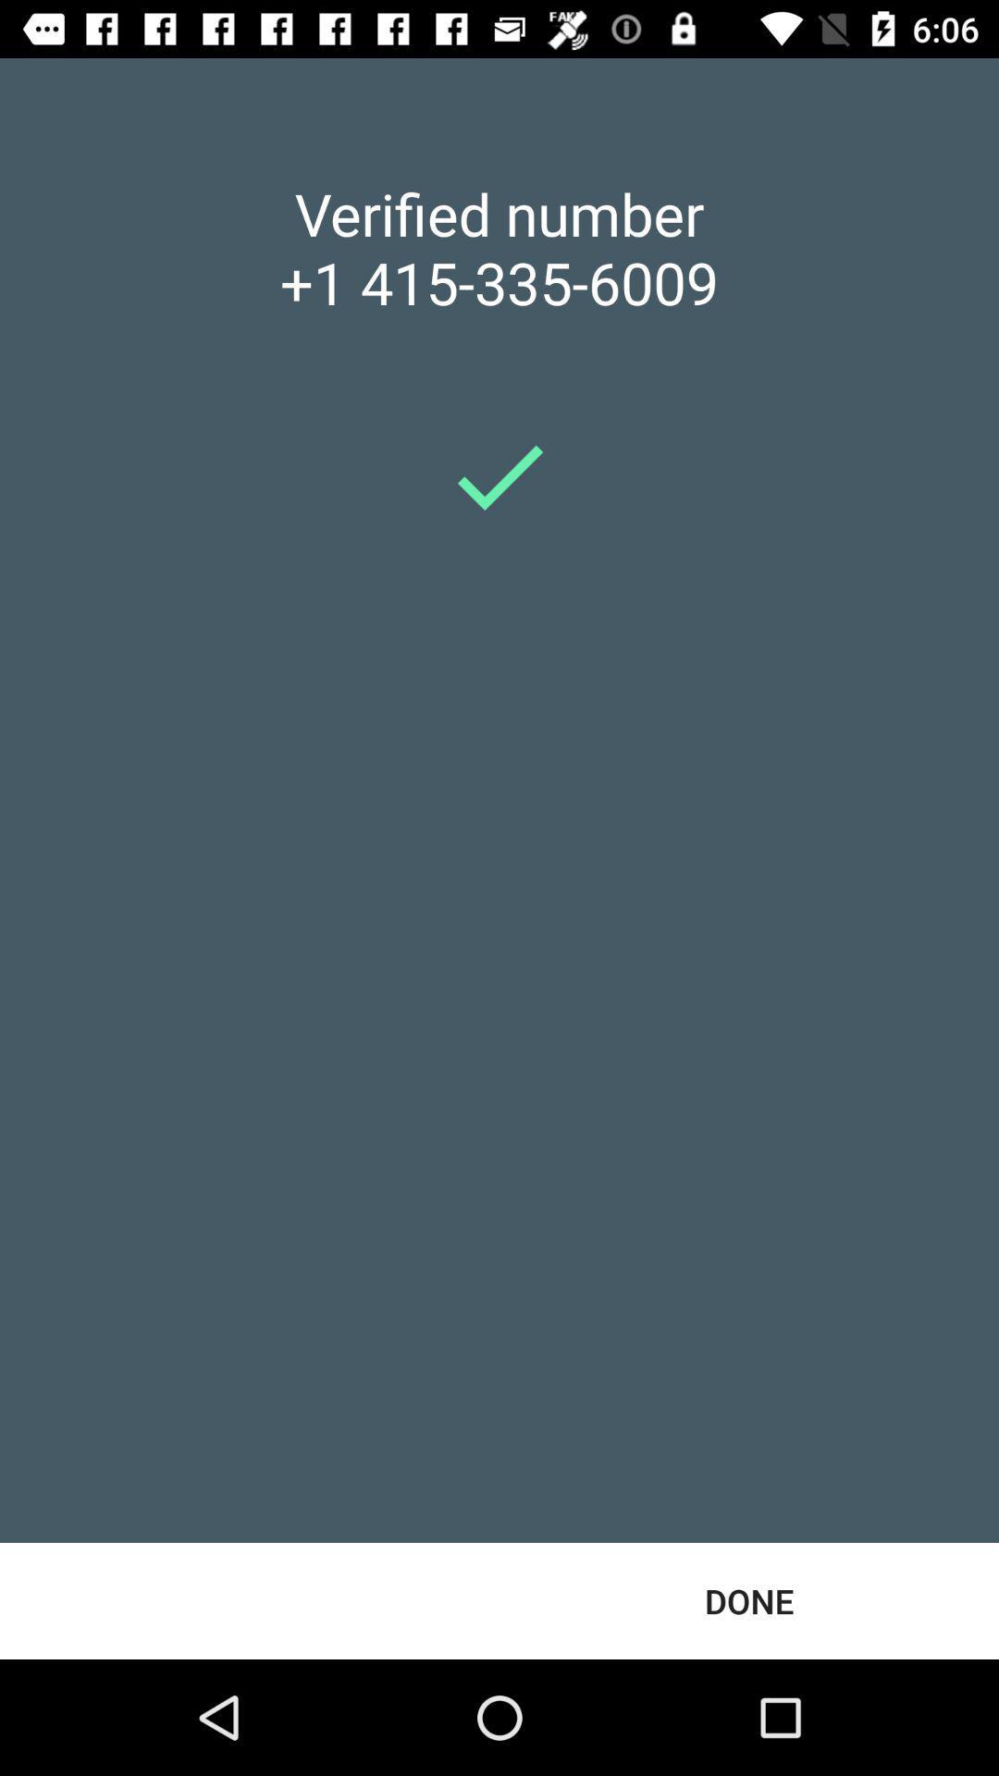 The width and height of the screenshot is (999, 1776). Describe the element at coordinates (749, 1600) in the screenshot. I see `done item` at that location.